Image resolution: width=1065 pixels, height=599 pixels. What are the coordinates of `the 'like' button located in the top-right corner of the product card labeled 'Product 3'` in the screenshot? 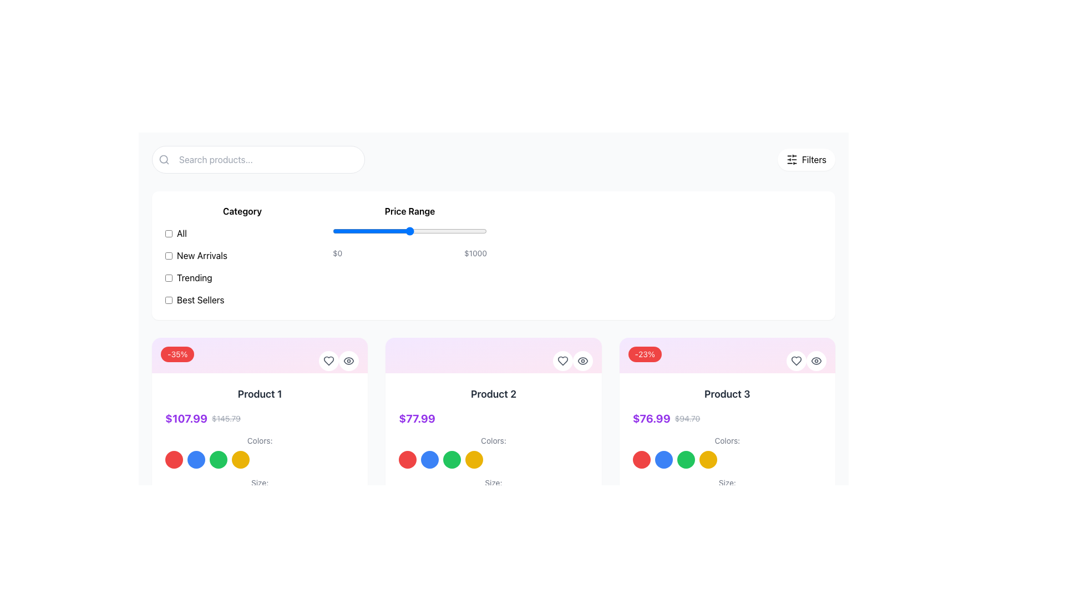 It's located at (795, 361).